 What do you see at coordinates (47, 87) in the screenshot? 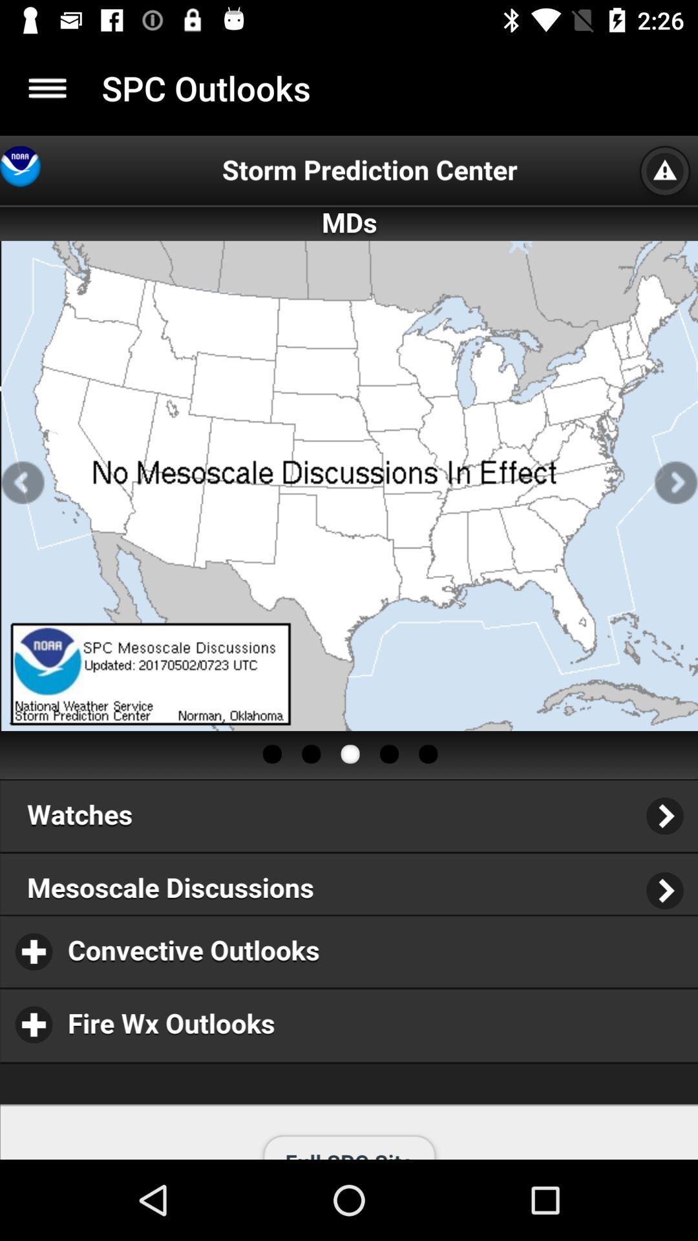
I see `the menu icon` at bounding box center [47, 87].